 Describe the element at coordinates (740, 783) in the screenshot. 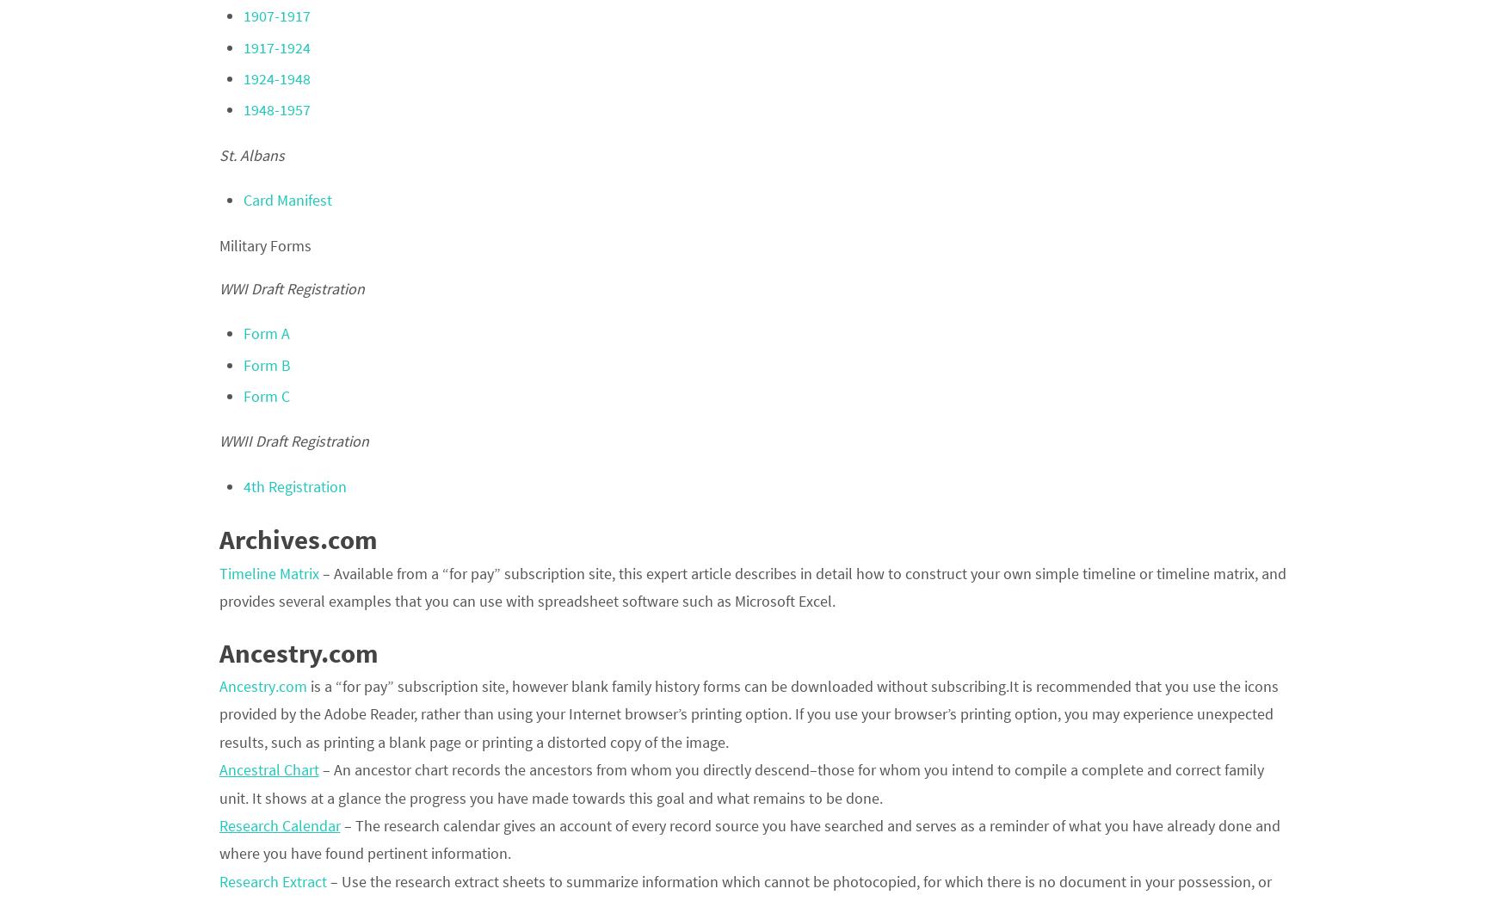

I see `'– An ancestor chart records the ancestors from whom you directly descend–those for whom you intend to compile a complete and correct family unit. It shows at a glance the progress you have made towards this goal and what remains to be done.'` at that location.